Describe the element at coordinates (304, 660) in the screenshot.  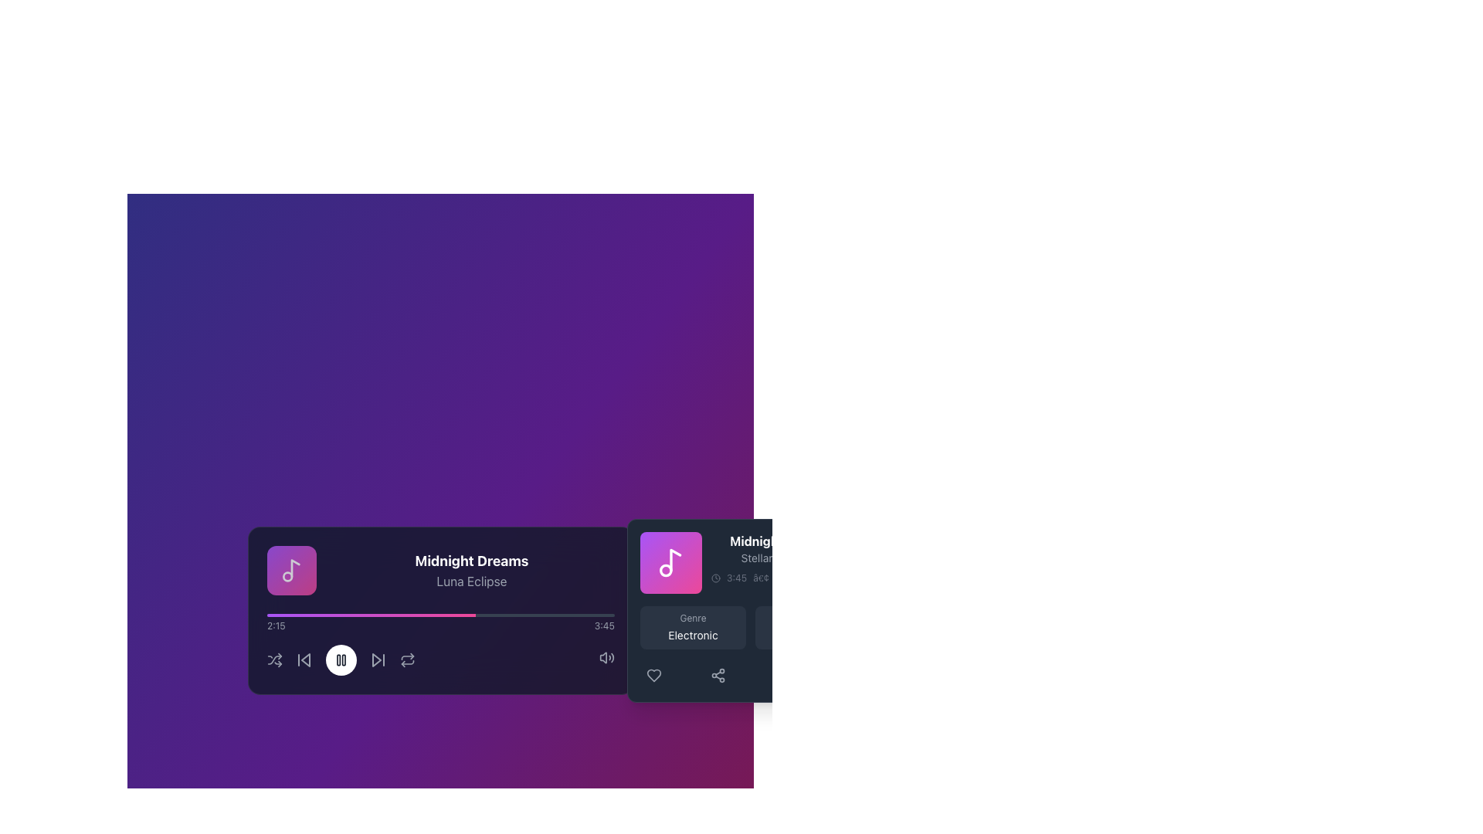
I see `the skip backward button located in the bottom-left section of the music player interface to change the icon's color` at that location.